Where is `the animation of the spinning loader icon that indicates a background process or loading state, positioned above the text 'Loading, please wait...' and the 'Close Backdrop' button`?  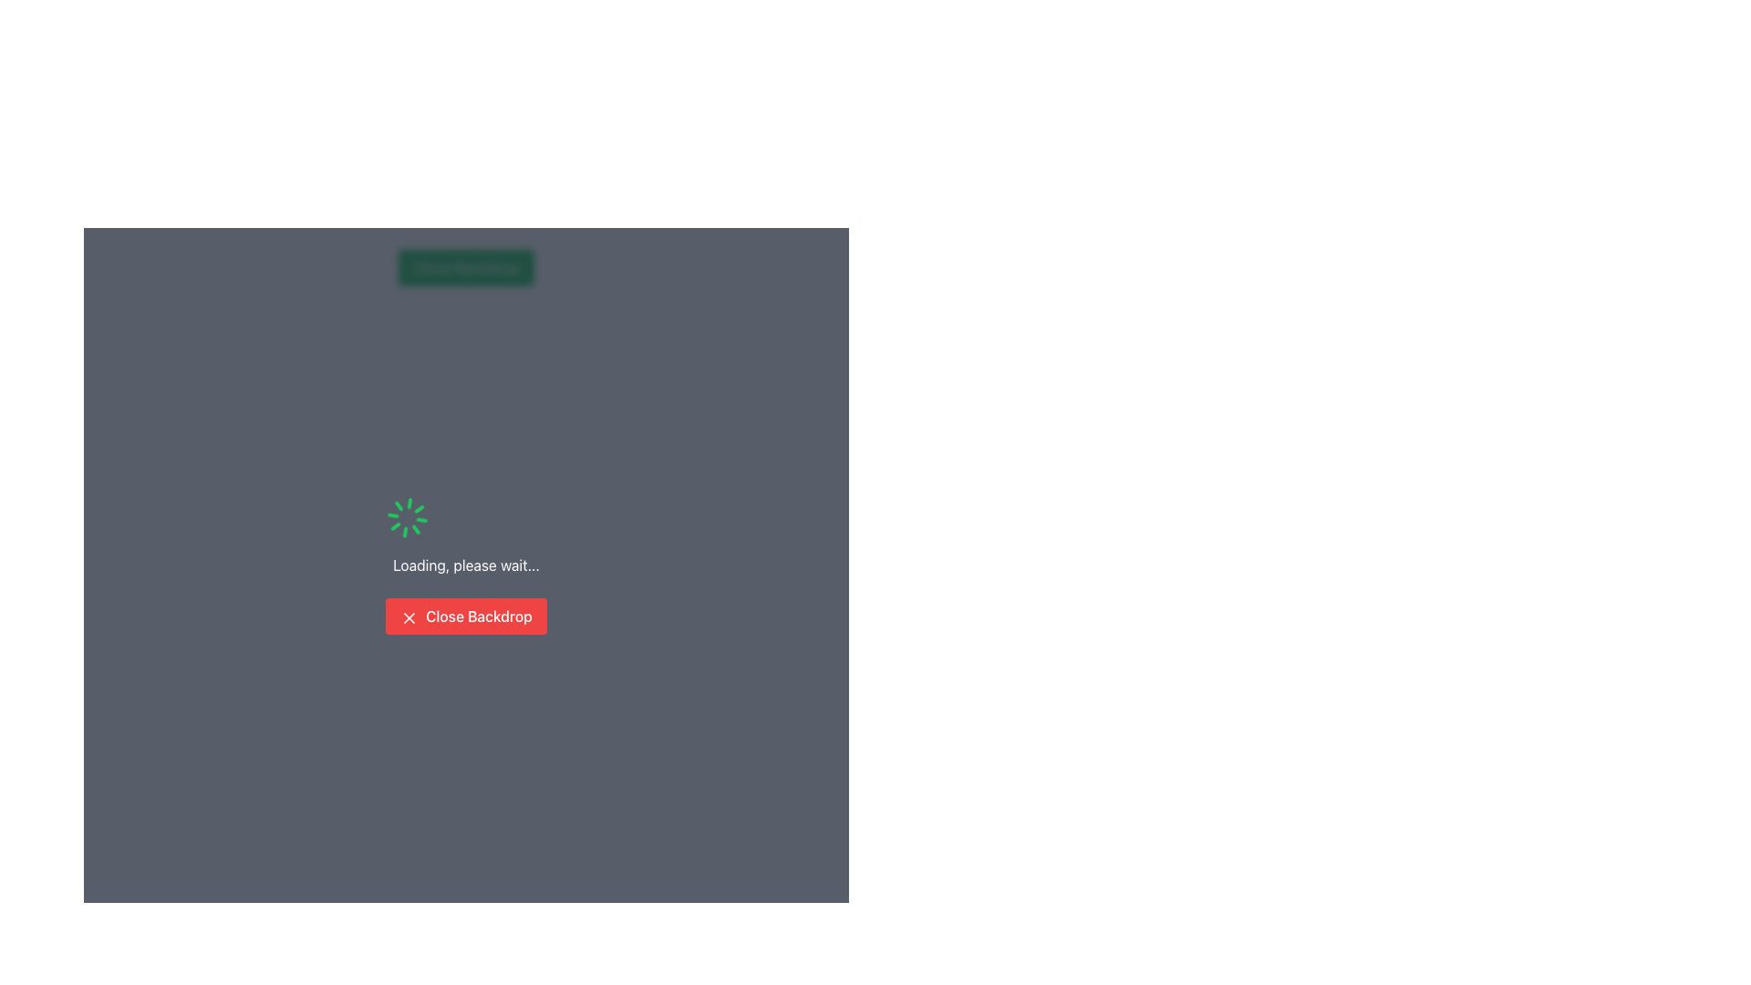 the animation of the spinning loader icon that indicates a background process or loading state, positioned above the text 'Loading, please wait...' and the 'Close Backdrop' button is located at coordinates (407, 517).